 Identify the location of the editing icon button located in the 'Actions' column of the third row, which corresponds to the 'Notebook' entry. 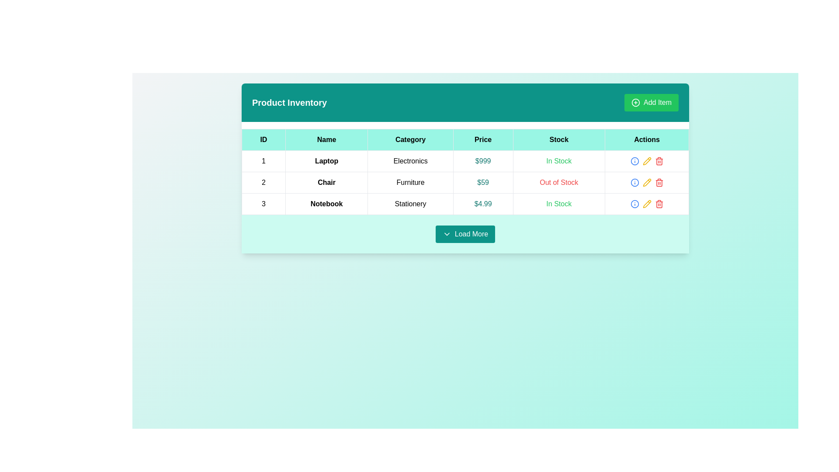
(647, 204).